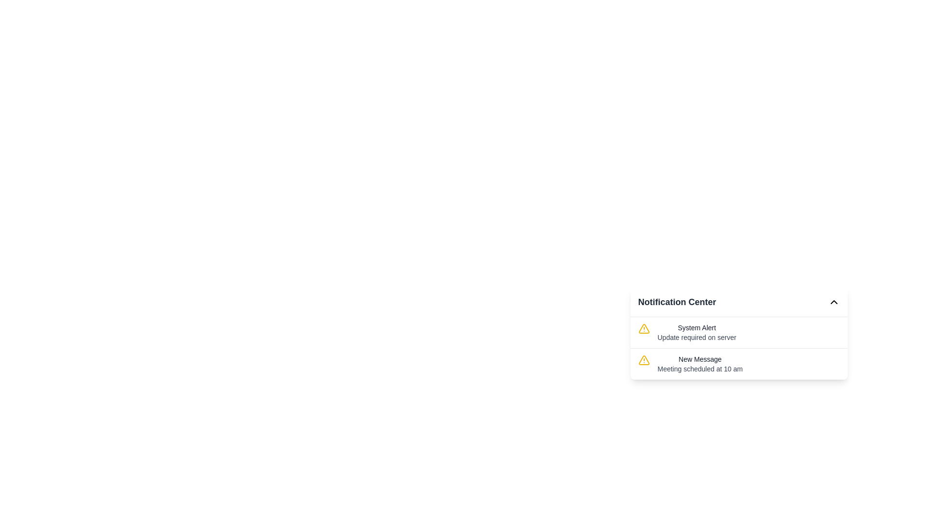 This screenshot has height=523, width=930. Describe the element at coordinates (738, 332) in the screenshot. I see `the Notification card, which is the top item in the Notification Center` at that location.